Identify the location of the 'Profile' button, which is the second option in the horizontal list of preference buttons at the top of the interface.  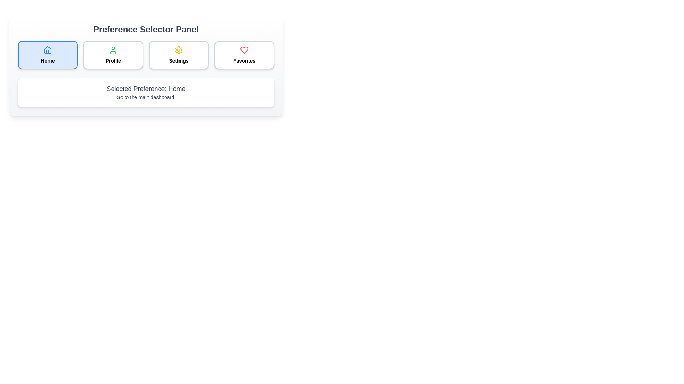
(113, 50).